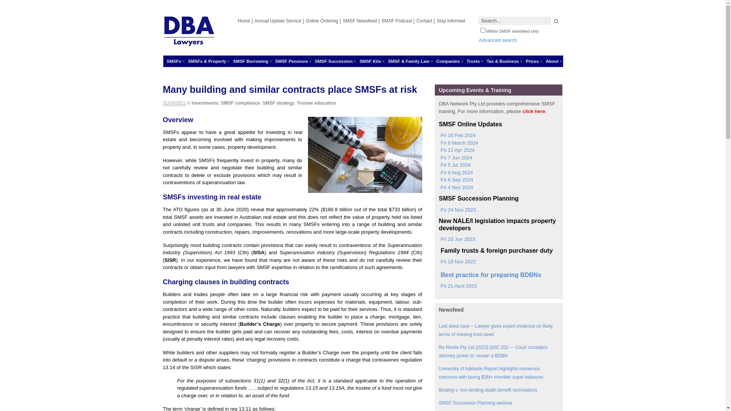 This screenshot has height=411, width=731. Describe the element at coordinates (455, 158) in the screenshot. I see `'Fri 7 Jun 2024'` at that location.